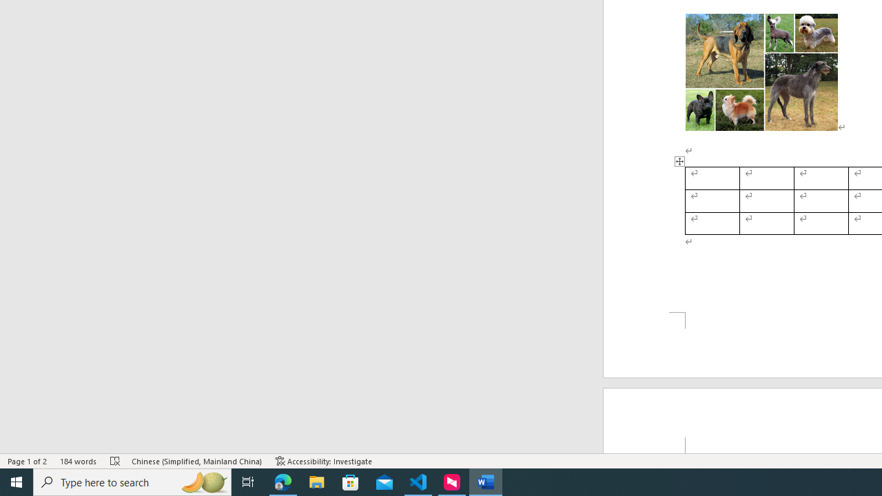 The height and width of the screenshot is (496, 882). I want to click on 'File Explorer', so click(316, 481).